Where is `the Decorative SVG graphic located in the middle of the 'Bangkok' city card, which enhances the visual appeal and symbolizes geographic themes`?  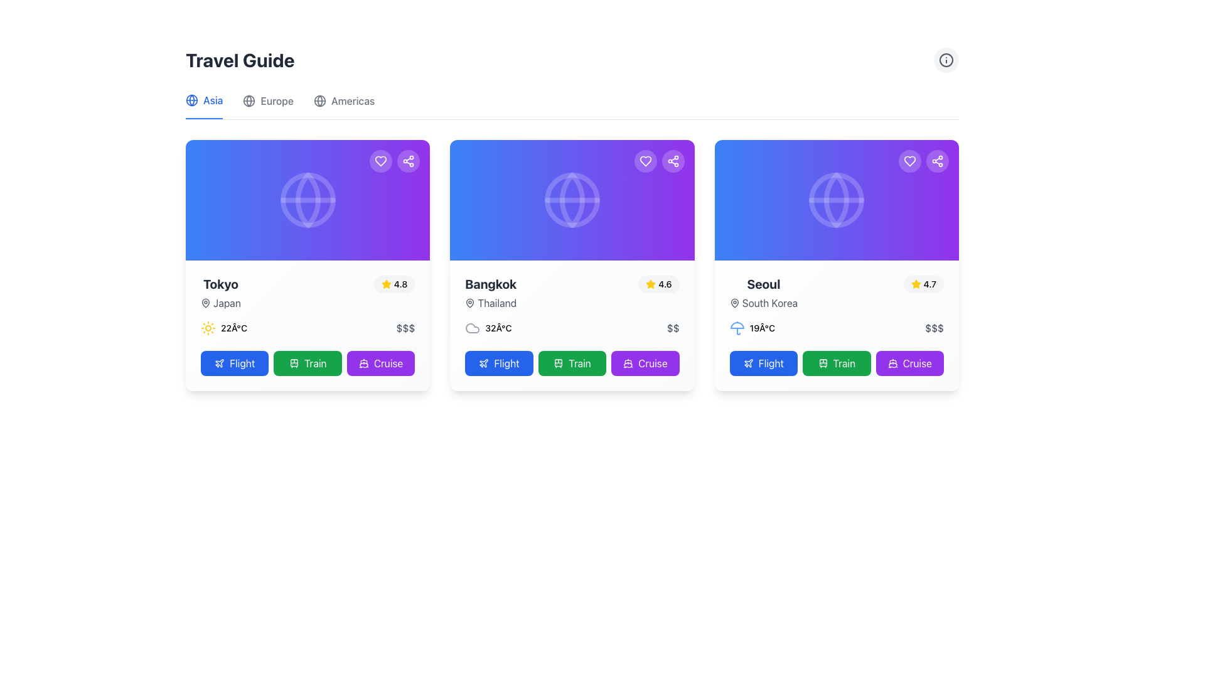 the Decorative SVG graphic located in the middle of the 'Bangkok' city card, which enhances the visual appeal and symbolizes geographic themes is located at coordinates (572, 200).